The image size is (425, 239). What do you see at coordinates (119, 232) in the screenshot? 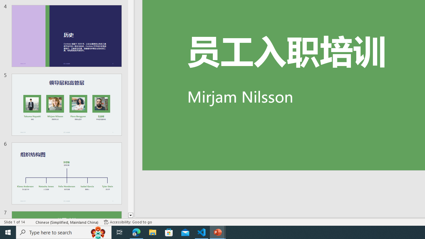
I see `'Task View'` at bounding box center [119, 232].